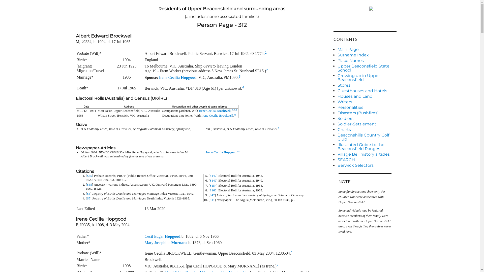 This screenshot has width=484, height=272. Describe the element at coordinates (235, 115) in the screenshot. I see `'8'` at that location.